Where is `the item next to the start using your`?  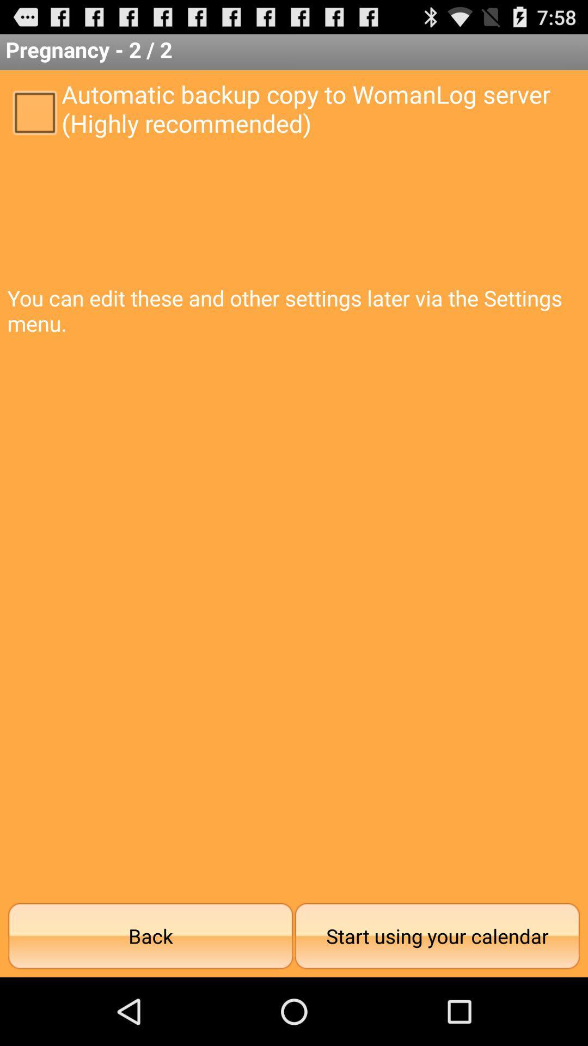 the item next to the start using your is located at coordinates (150, 935).